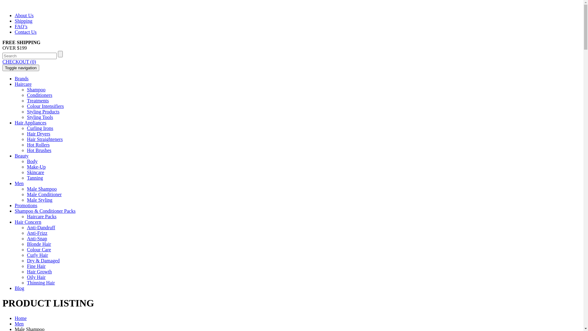 This screenshot has height=331, width=588. I want to click on 'Skincare', so click(35, 172).